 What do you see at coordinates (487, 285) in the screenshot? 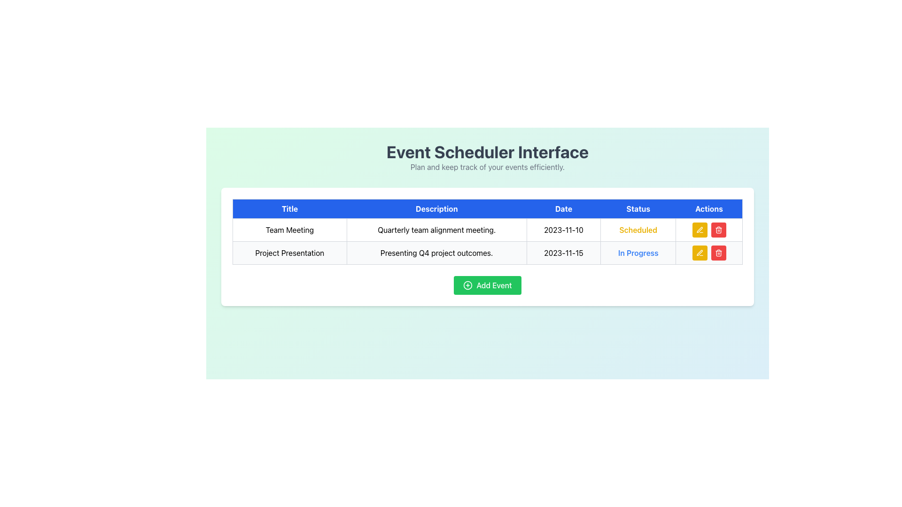
I see `the button below the event table` at bounding box center [487, 285].